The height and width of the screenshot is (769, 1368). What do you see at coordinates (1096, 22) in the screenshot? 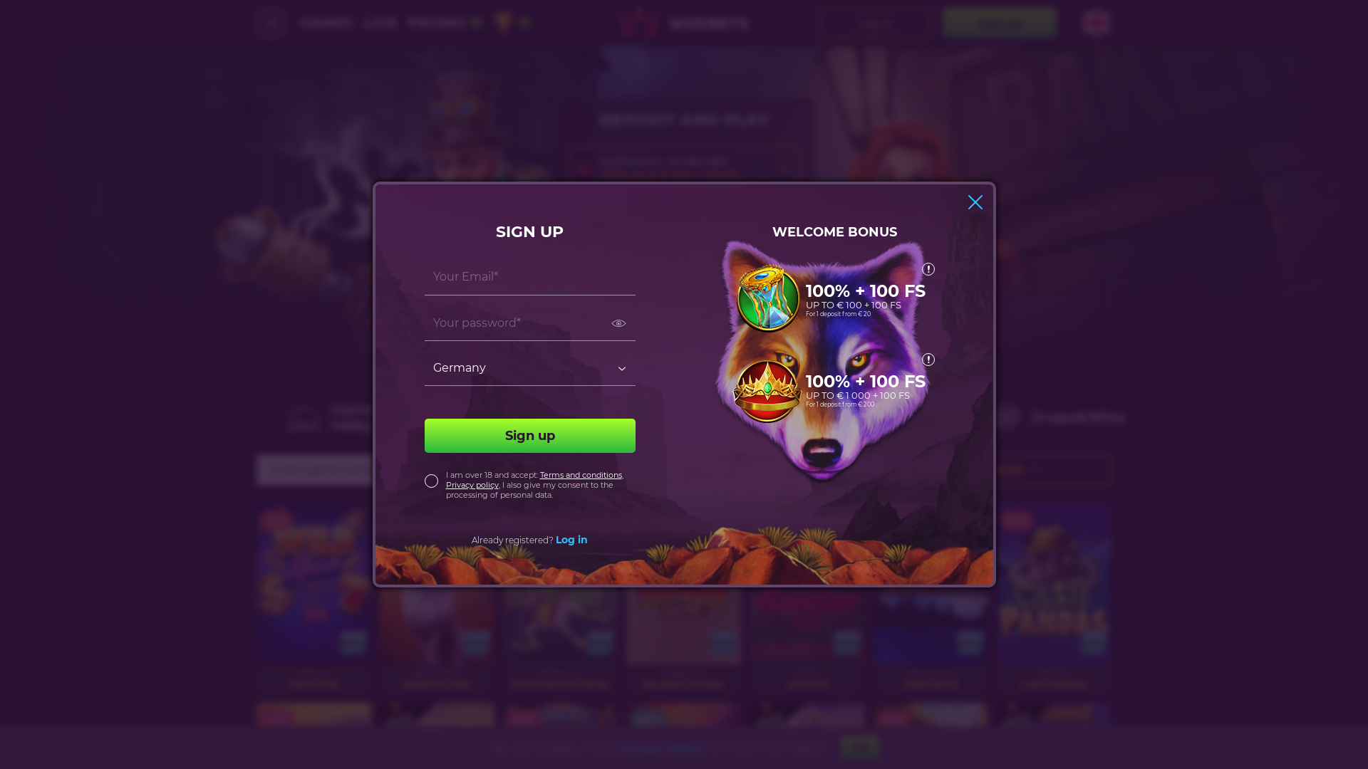
I see `'Language'` at bounding box center [1096, 22].